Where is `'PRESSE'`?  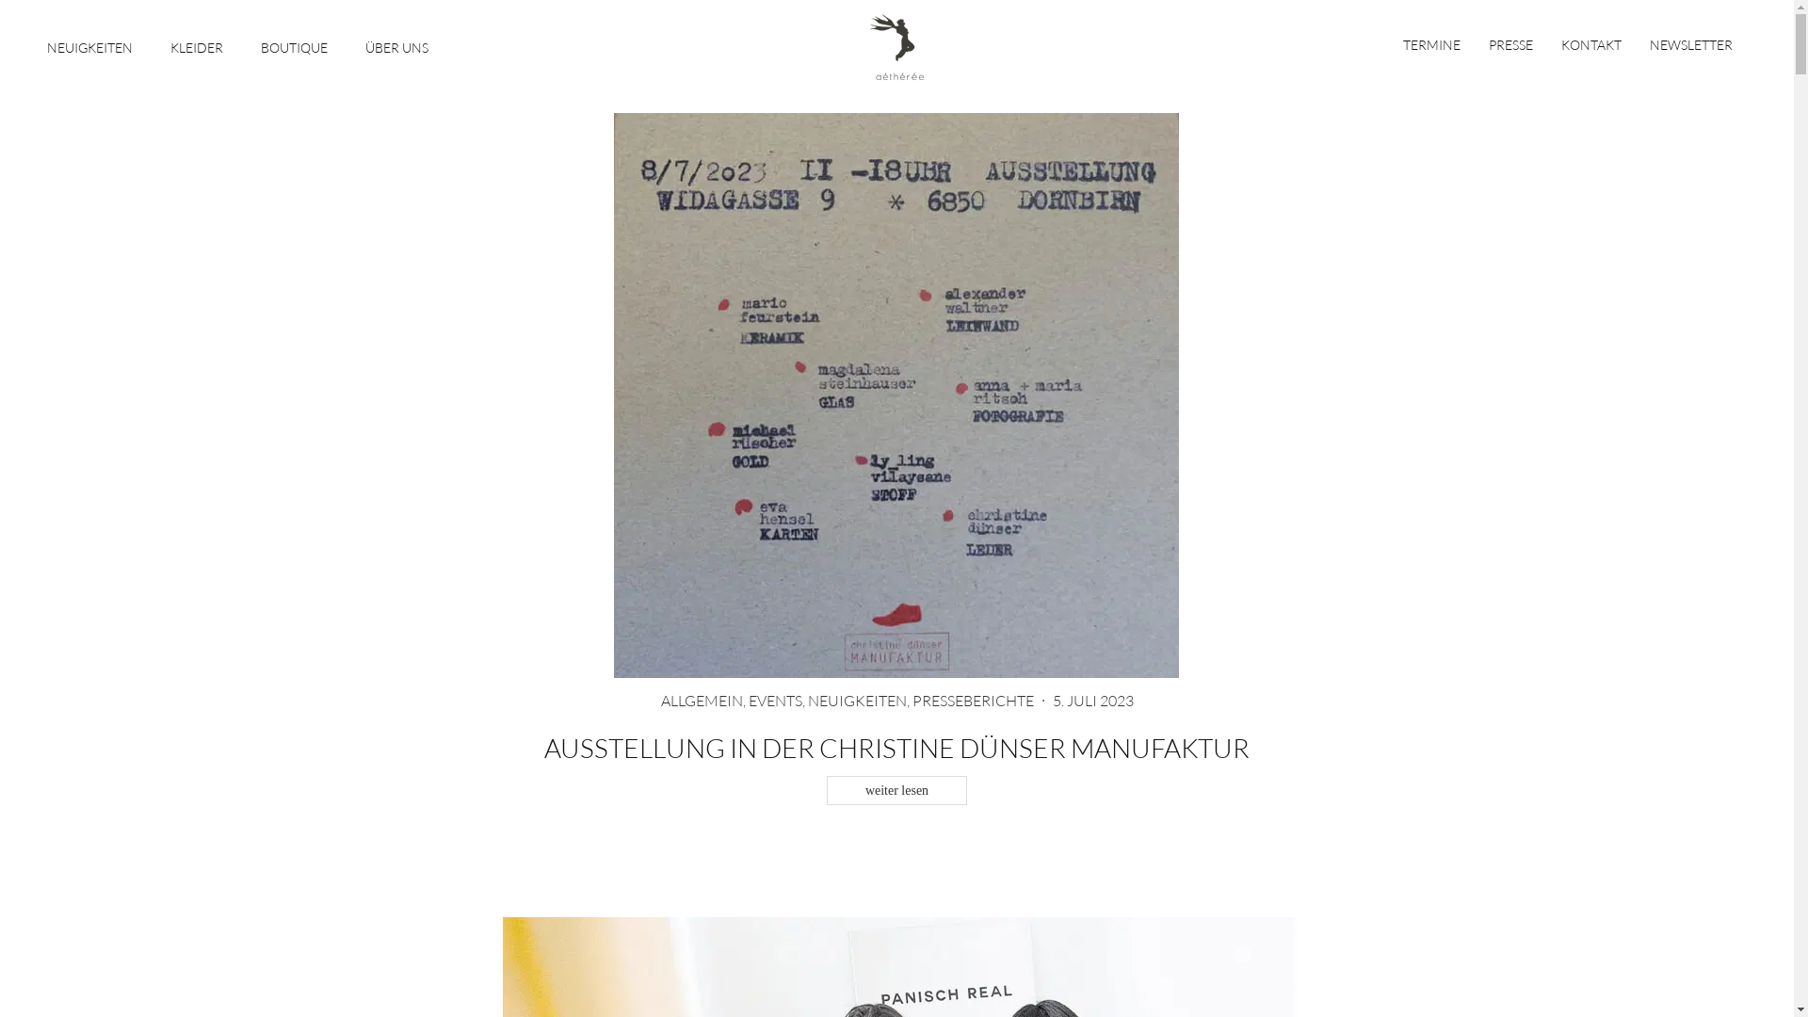
'PRESSE' is located at coordinates (1510, 43).